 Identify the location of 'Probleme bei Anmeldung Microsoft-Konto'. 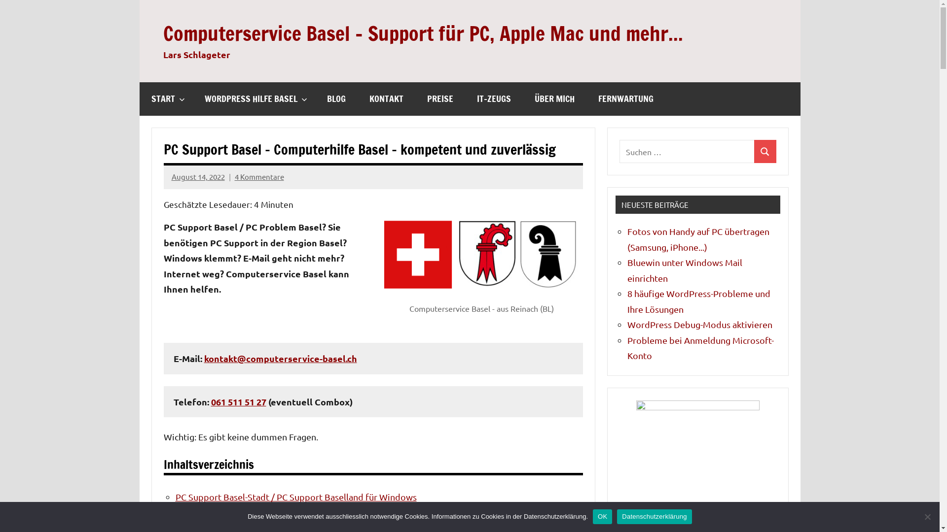
(700, 347).